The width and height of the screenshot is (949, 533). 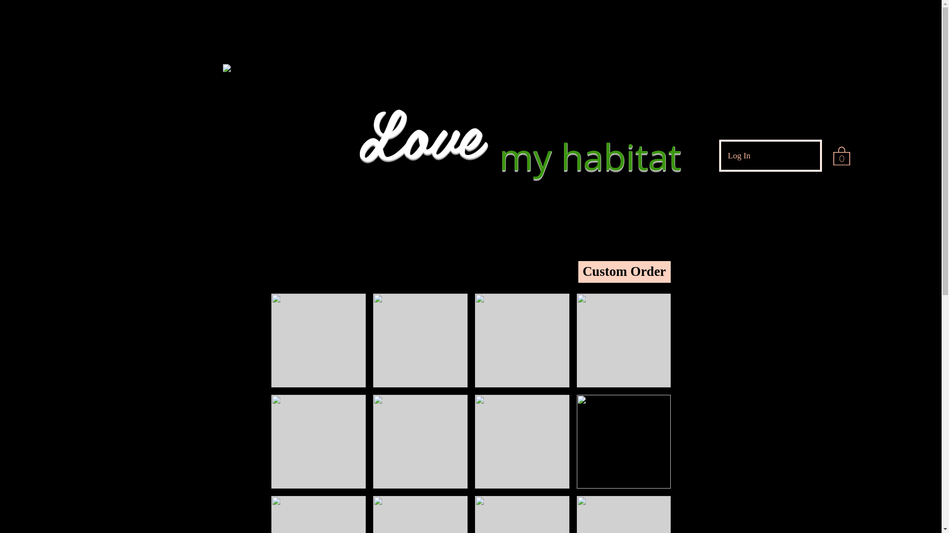 I want to click on 'Custom Order', so click(x=578, y=272).